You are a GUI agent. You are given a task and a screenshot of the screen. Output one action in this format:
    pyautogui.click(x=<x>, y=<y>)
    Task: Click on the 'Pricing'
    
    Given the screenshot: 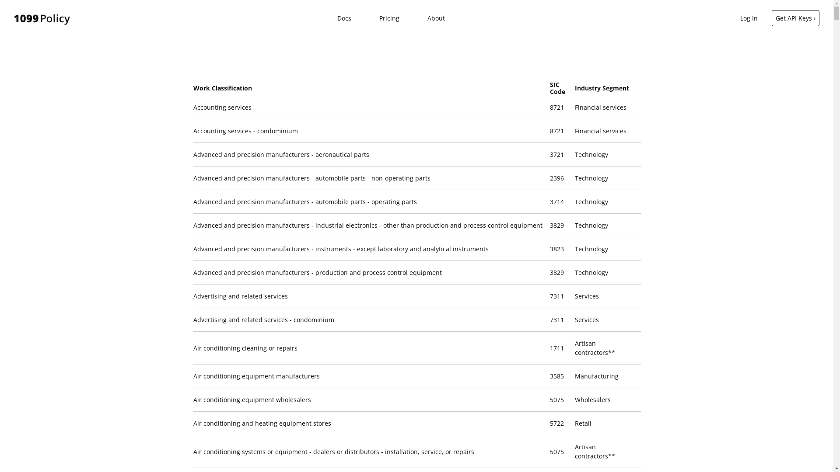 What is the action you would take?
    pyautogui.click(x=379, y=18)
    